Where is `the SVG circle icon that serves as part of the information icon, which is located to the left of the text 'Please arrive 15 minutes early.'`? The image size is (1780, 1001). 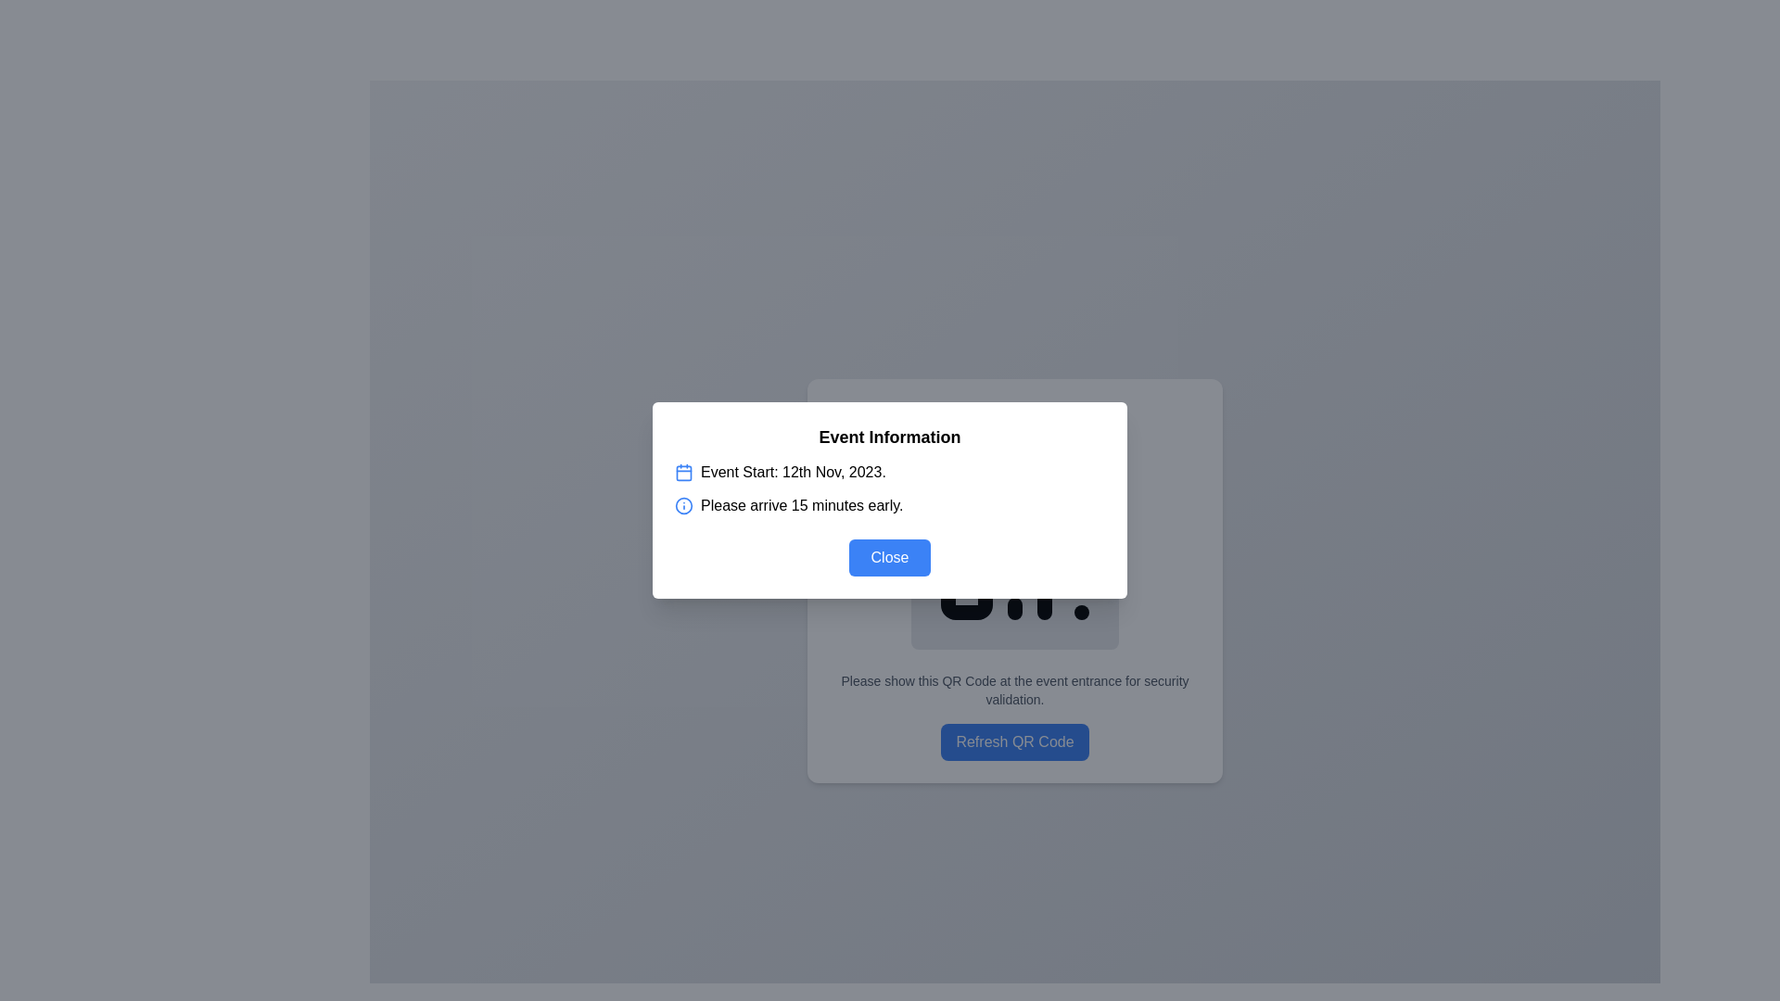 the SVG circle icon that serves as part of the information icon, which is located to the left of the text 'Please arrive 15 minutes early.' is located at coordinates (683, 506).